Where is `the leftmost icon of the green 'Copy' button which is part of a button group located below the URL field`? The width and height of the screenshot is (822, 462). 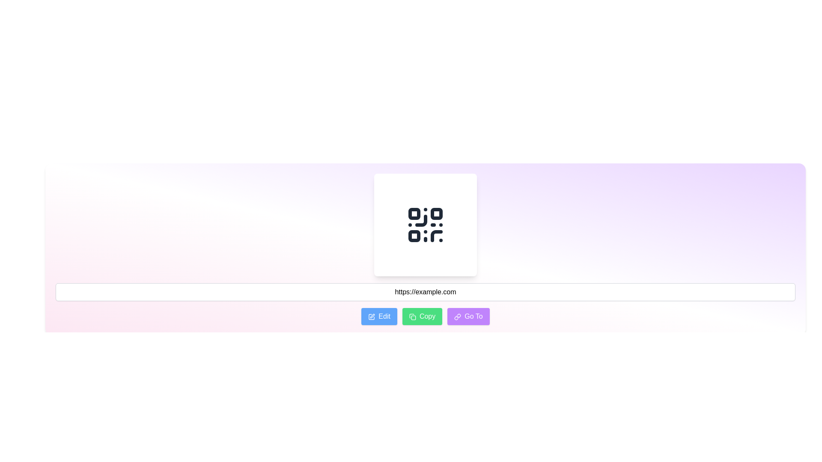
the leftmost icon of the green 'Copy' button which is part of a button group located below the URL field is located at coordinates (412, 317).